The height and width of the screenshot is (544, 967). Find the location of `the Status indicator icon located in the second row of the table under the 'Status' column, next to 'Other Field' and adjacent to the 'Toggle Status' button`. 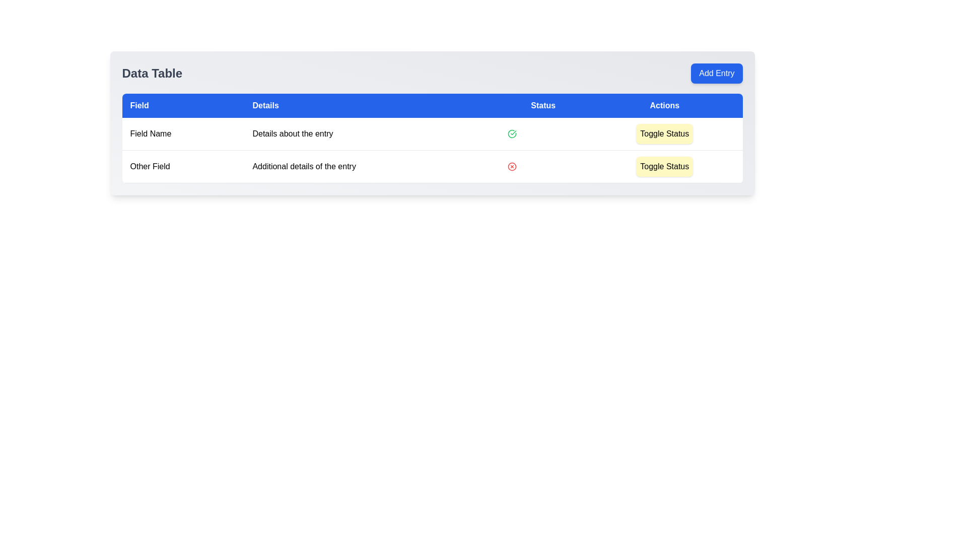

the Status indicator icon located in the second row of the table under the 'Status' column, next to 'Other Field' and adjacent to the 'Toggle Status' button is located at coordinates (512, 166).